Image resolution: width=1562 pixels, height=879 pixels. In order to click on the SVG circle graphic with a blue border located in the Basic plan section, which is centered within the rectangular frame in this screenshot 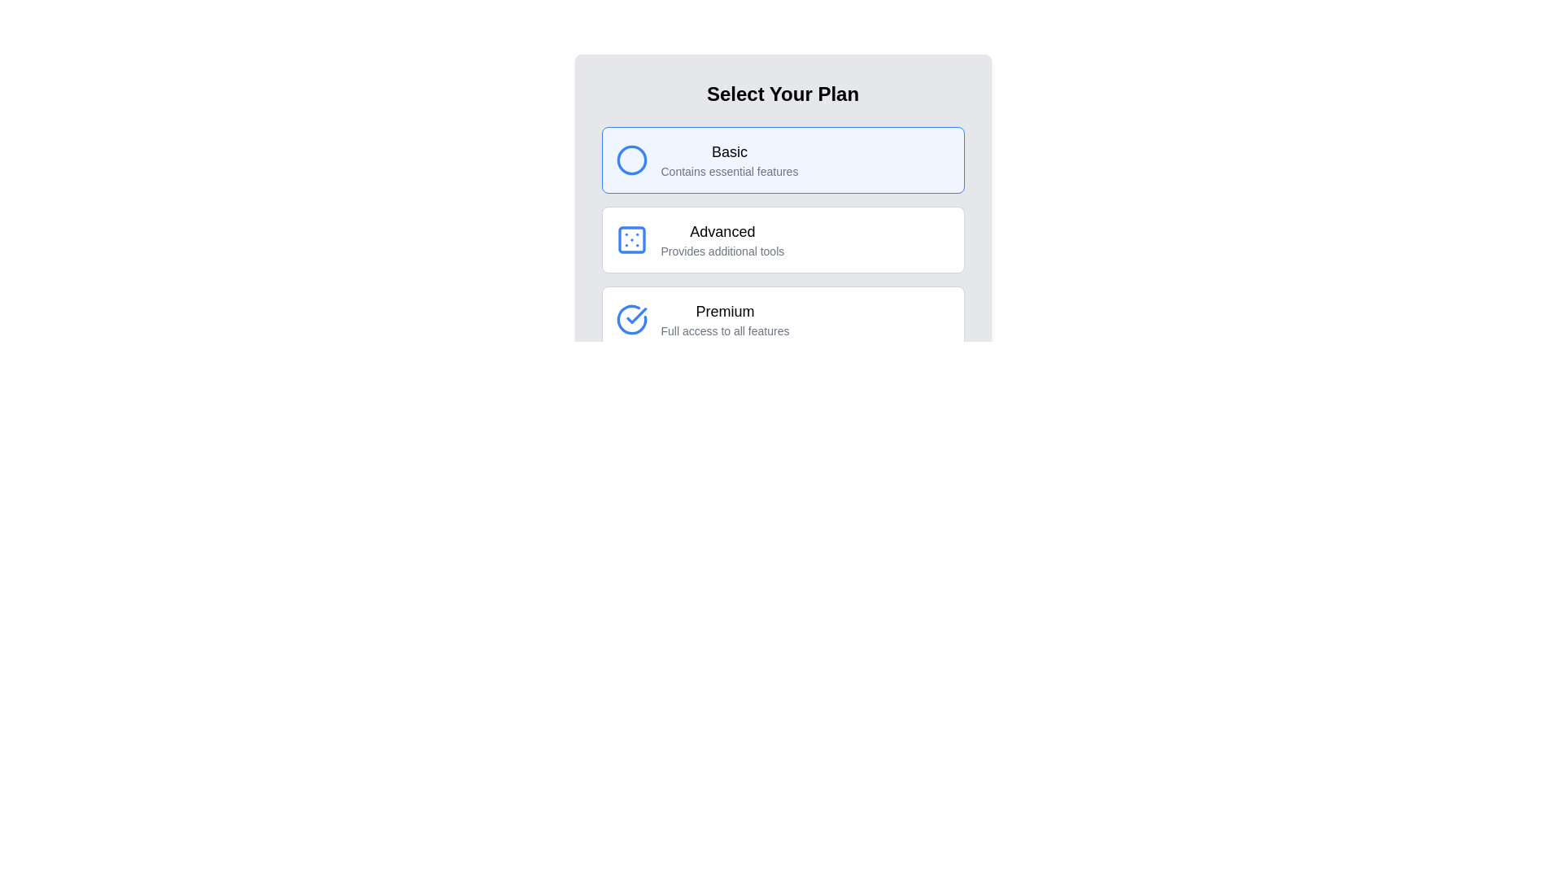, I will do `click(630, 160)`.